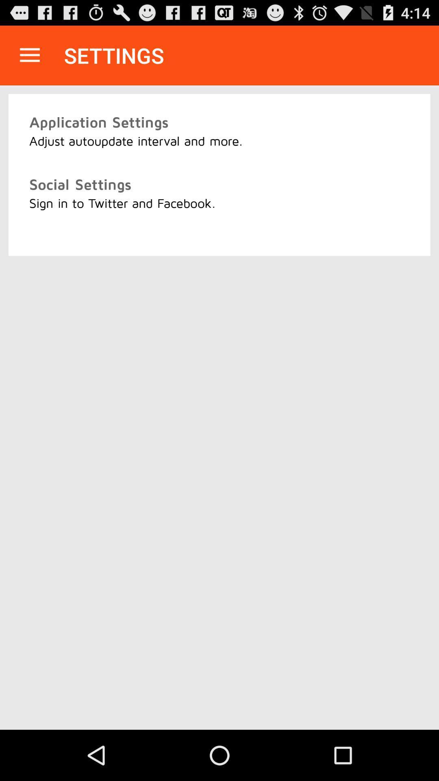 The width and height of the screenshot is (439, 781). I want to click on menu options, so click(29, 55).